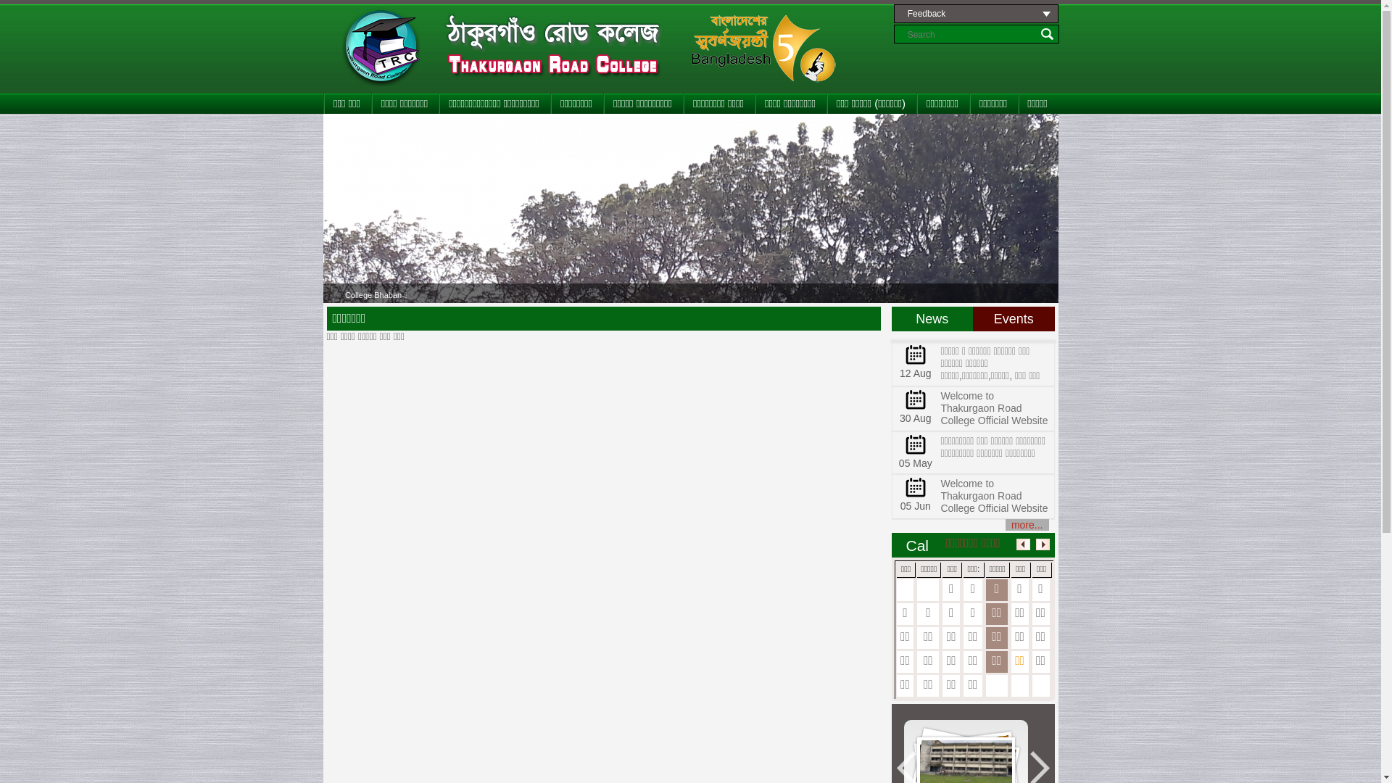 The width and height of the screenshot is (1392, 783). Describe the element at coordinates (993, 494) in the screenshot. I see `'Welcome to Thakurgaon Road College Official Website'` at that location.